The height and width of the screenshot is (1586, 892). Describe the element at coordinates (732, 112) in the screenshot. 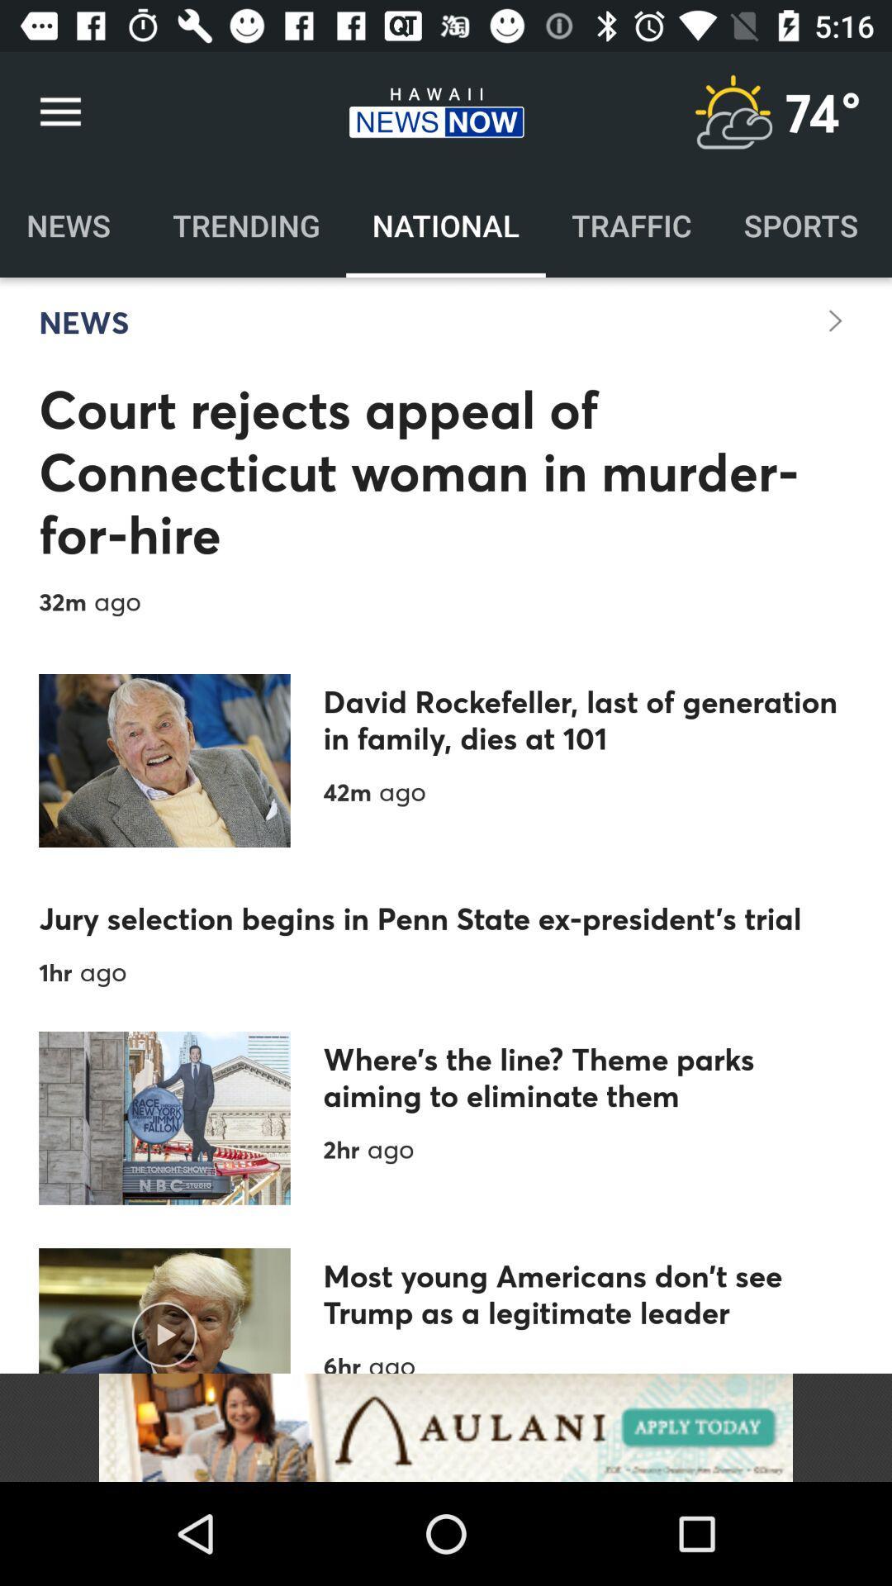

I see `menu` at that location.